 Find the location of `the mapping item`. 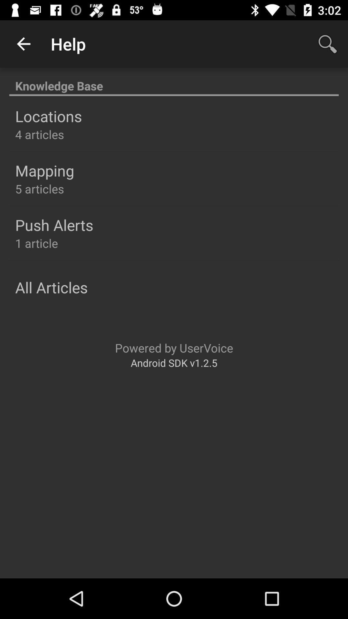

the mapping item is located at coordinates (44, 171).